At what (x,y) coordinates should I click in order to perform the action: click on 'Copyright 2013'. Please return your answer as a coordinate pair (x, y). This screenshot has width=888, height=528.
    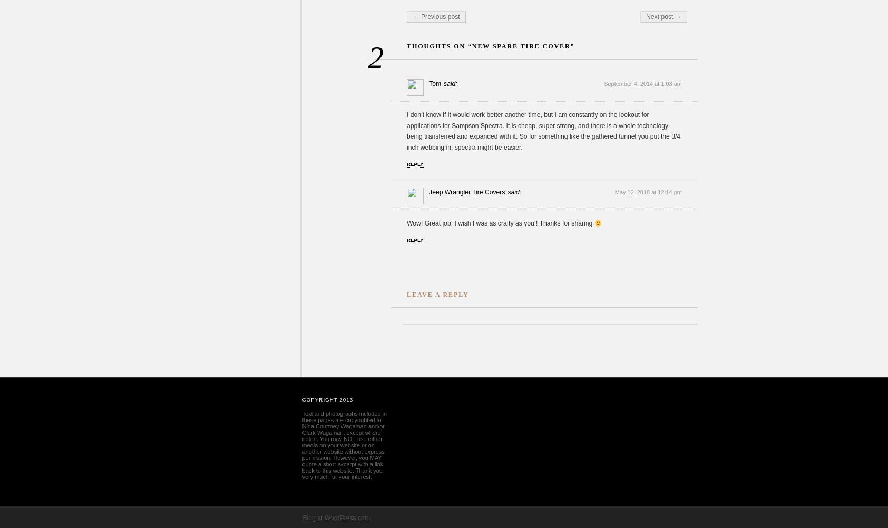
    Looking at the image, I should click on (302, 398).